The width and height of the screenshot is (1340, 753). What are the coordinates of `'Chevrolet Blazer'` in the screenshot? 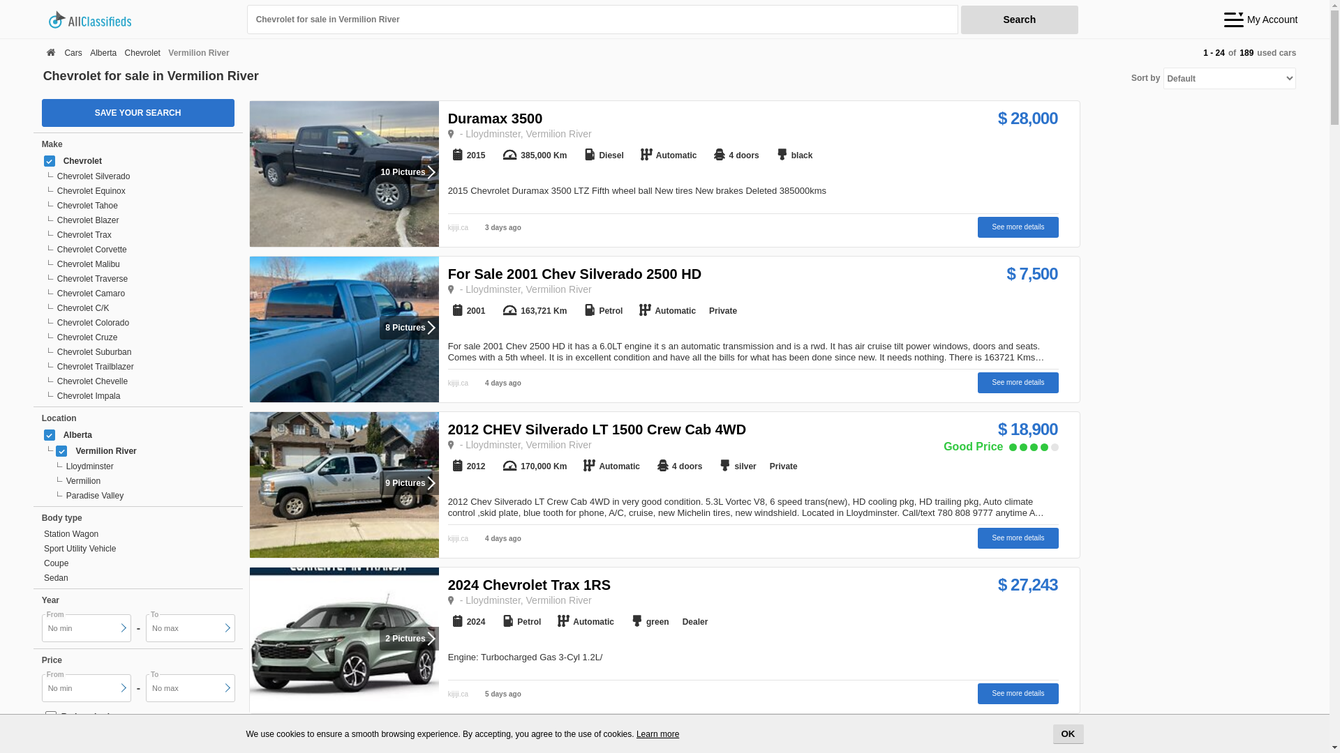 It's located at (54, 220).